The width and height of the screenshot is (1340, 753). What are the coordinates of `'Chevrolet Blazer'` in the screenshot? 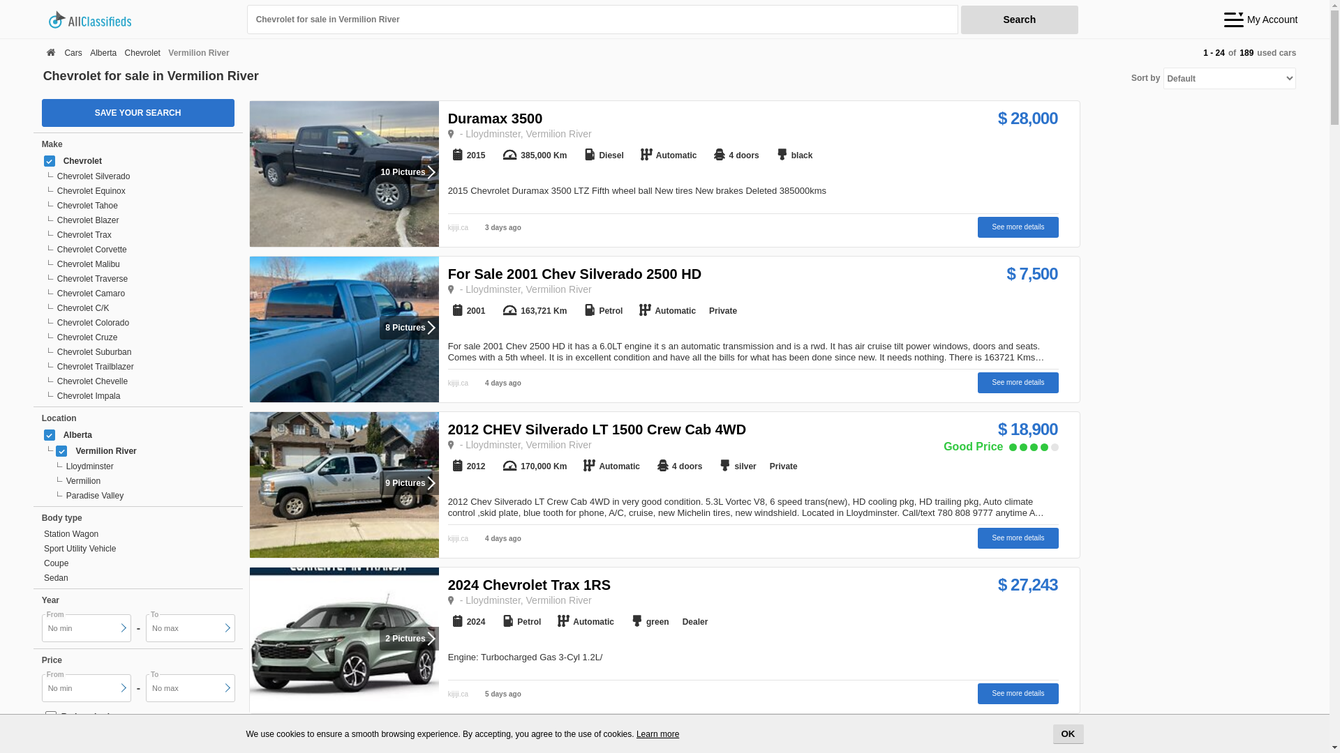 It's located at (54, 220).